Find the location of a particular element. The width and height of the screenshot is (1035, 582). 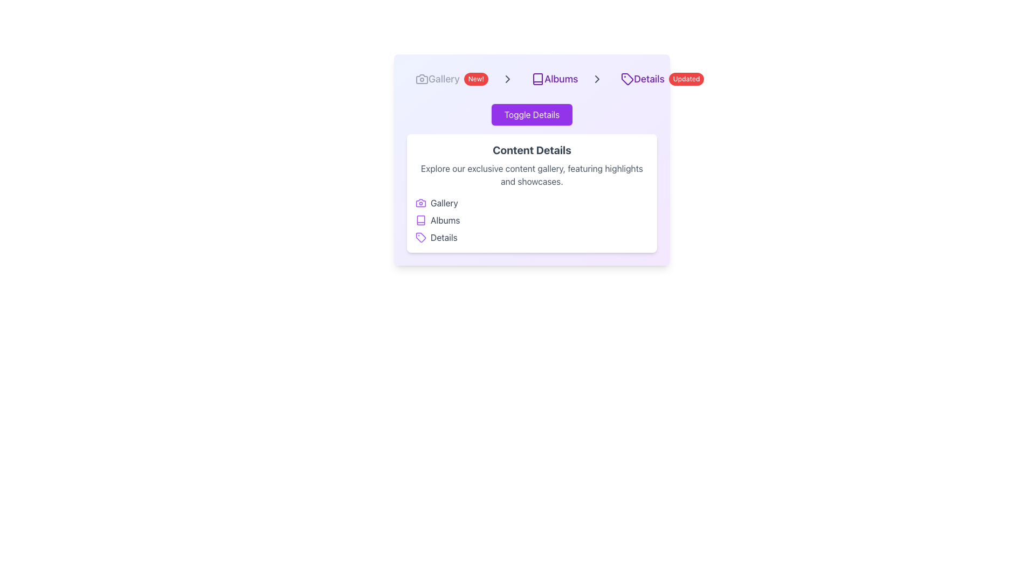

the paragraph text that describes the content gallery, located beneath the 'Content Details' heading and above the list of items labeled 'Gallery,' 'Albums,' and 'Details.' is located at coordinates (532, 174).